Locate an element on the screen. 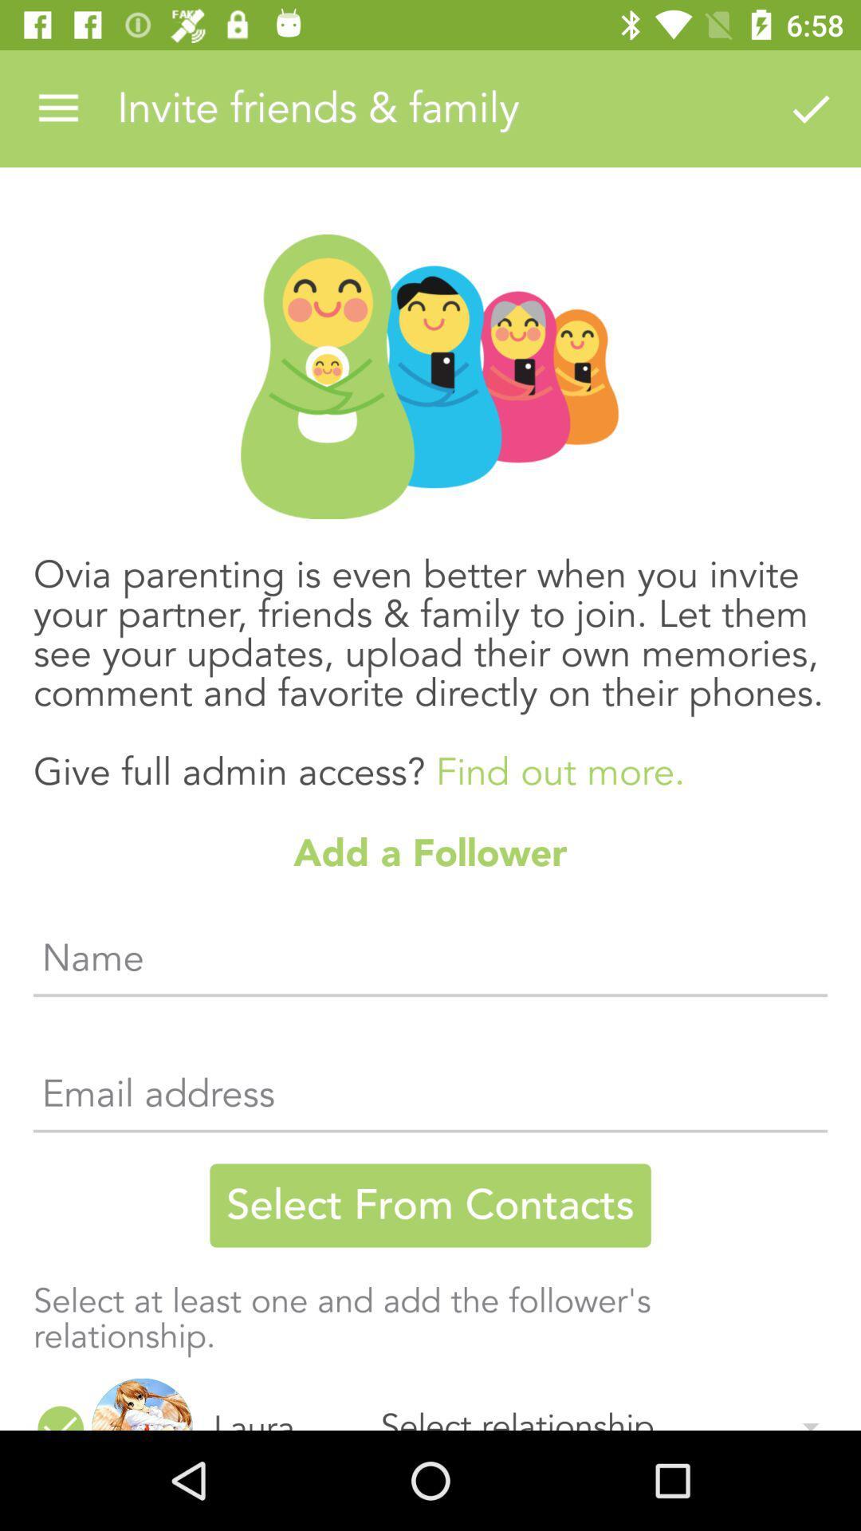  icon below select at least item is located at coordinates (60, 1416).